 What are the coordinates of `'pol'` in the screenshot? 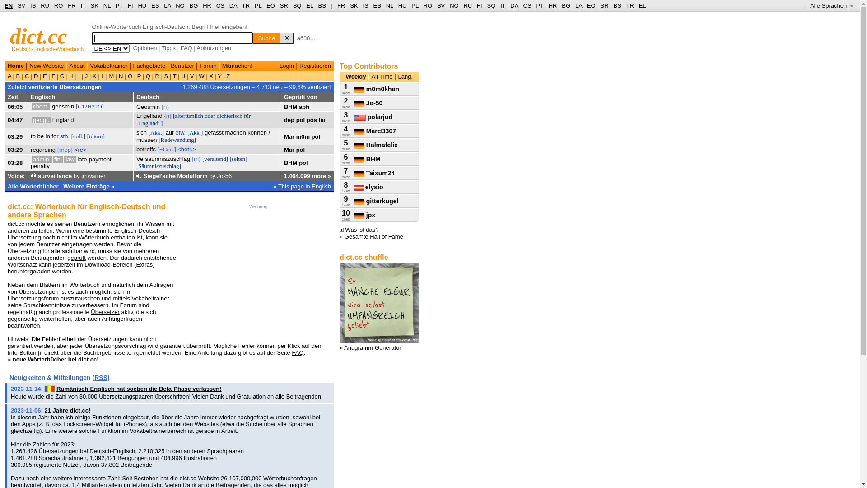 It's located at (316, 136).